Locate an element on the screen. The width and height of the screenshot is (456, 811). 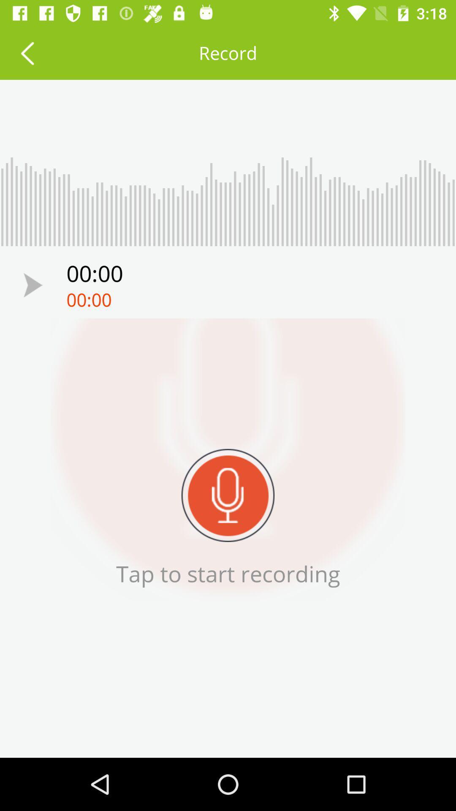
the item above tap to start item is located at coordinates (228, 495).